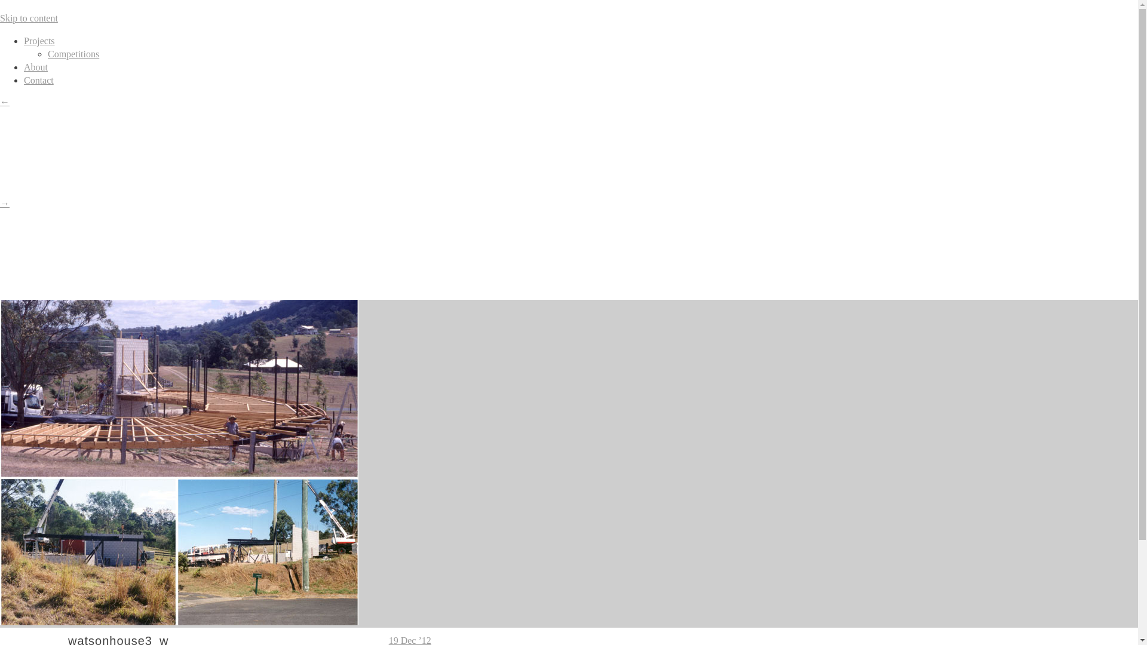  Describe the element at coordinates (35, 67) in the screenshot. I see `'About'` at that location.